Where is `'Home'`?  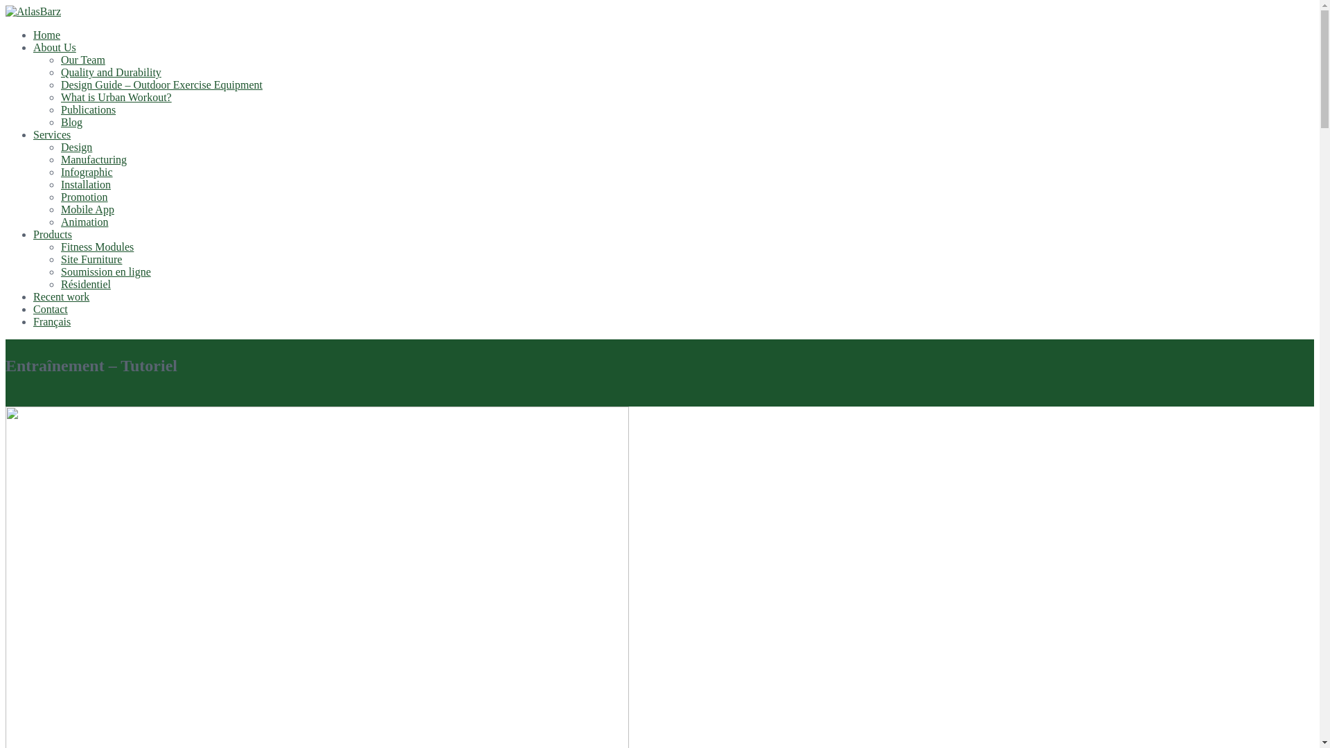
'Home' is located at coordinates (46, 34).